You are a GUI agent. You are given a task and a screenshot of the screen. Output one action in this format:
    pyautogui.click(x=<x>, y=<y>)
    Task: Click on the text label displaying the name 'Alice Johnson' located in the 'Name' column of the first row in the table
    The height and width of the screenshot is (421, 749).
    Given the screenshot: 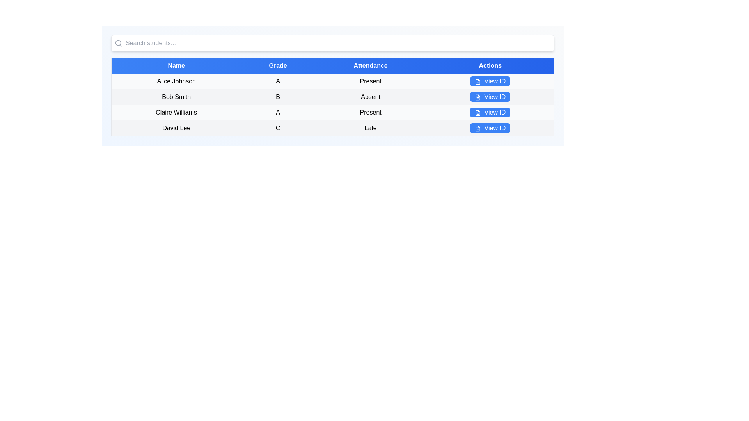 What is the action you would take?
    pyautogui.click(x=176, y=81)
    